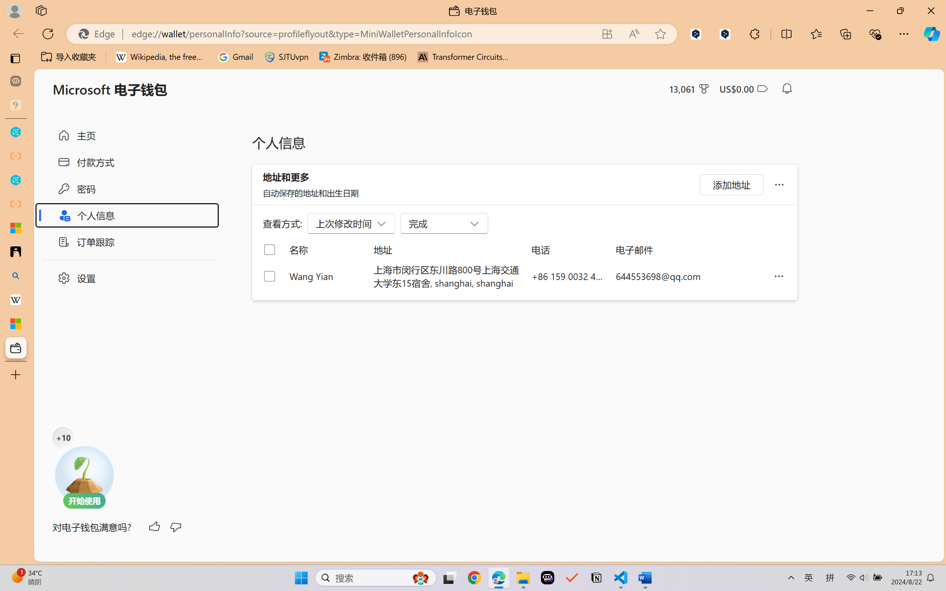  What do you see at coordinates (286, 57) in the screenshot?
I see `'SJTUvpn'` at bounding box center [286, 57].